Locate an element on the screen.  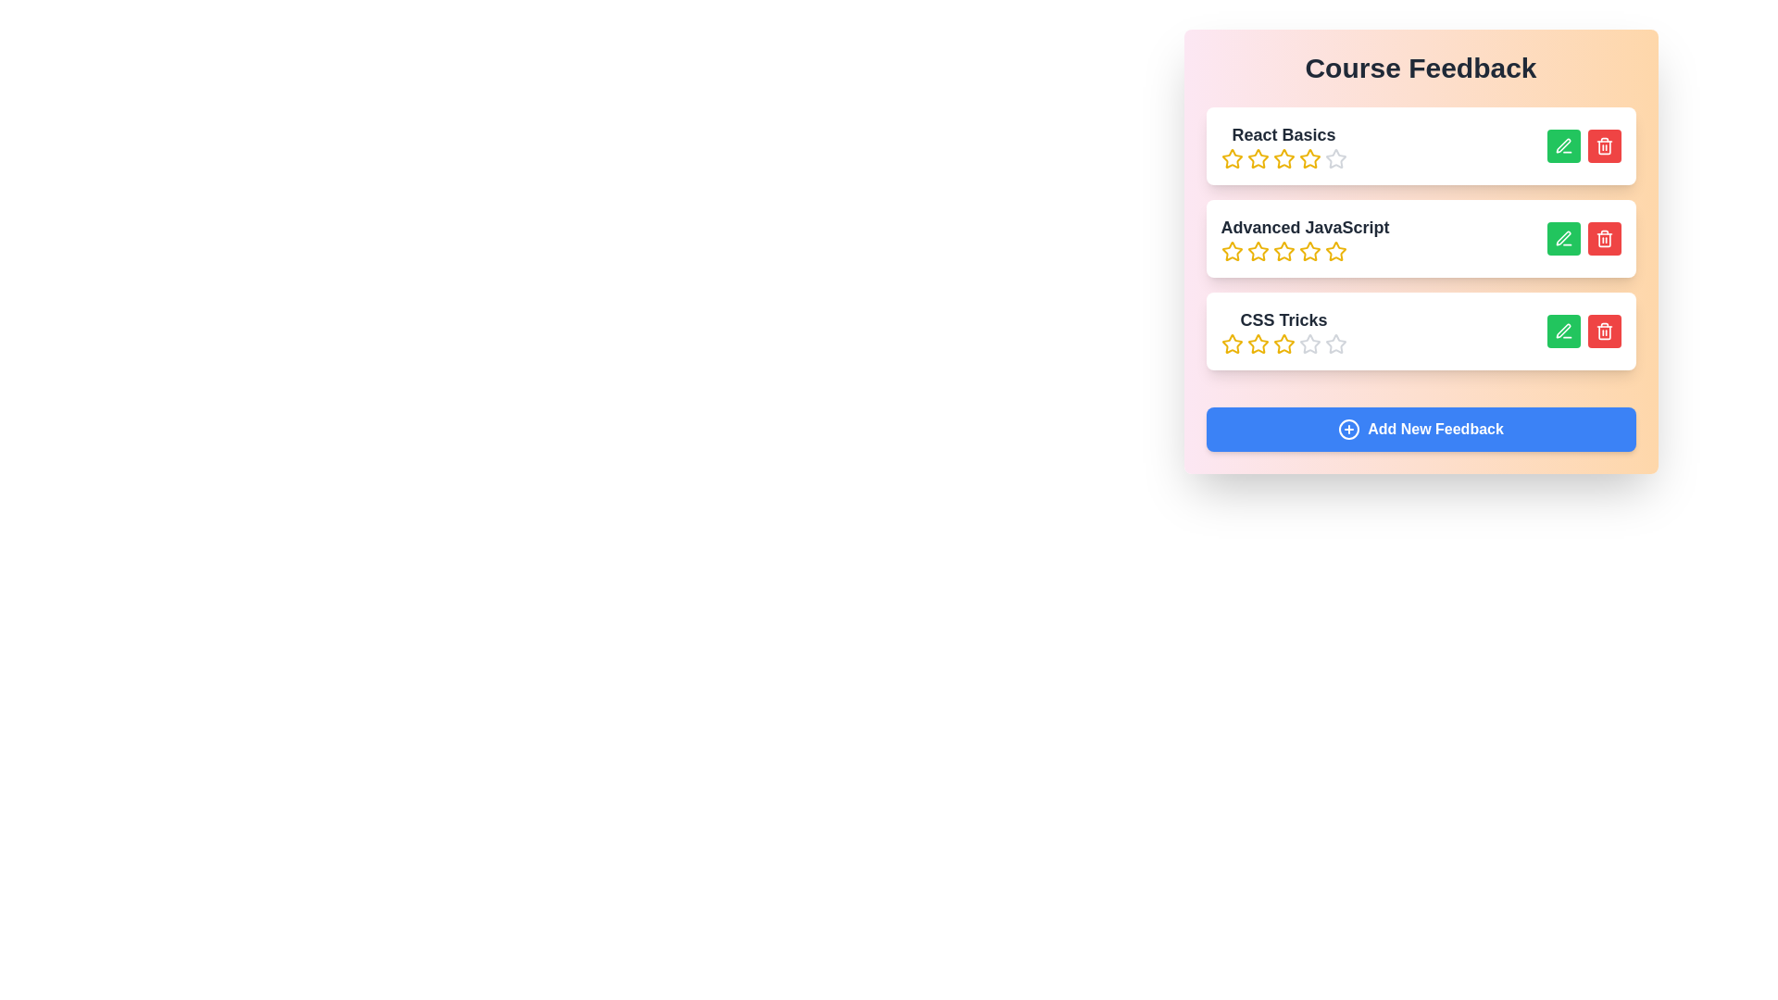
the 'Add New Feedback' button is located at coordinates (1420, 429).